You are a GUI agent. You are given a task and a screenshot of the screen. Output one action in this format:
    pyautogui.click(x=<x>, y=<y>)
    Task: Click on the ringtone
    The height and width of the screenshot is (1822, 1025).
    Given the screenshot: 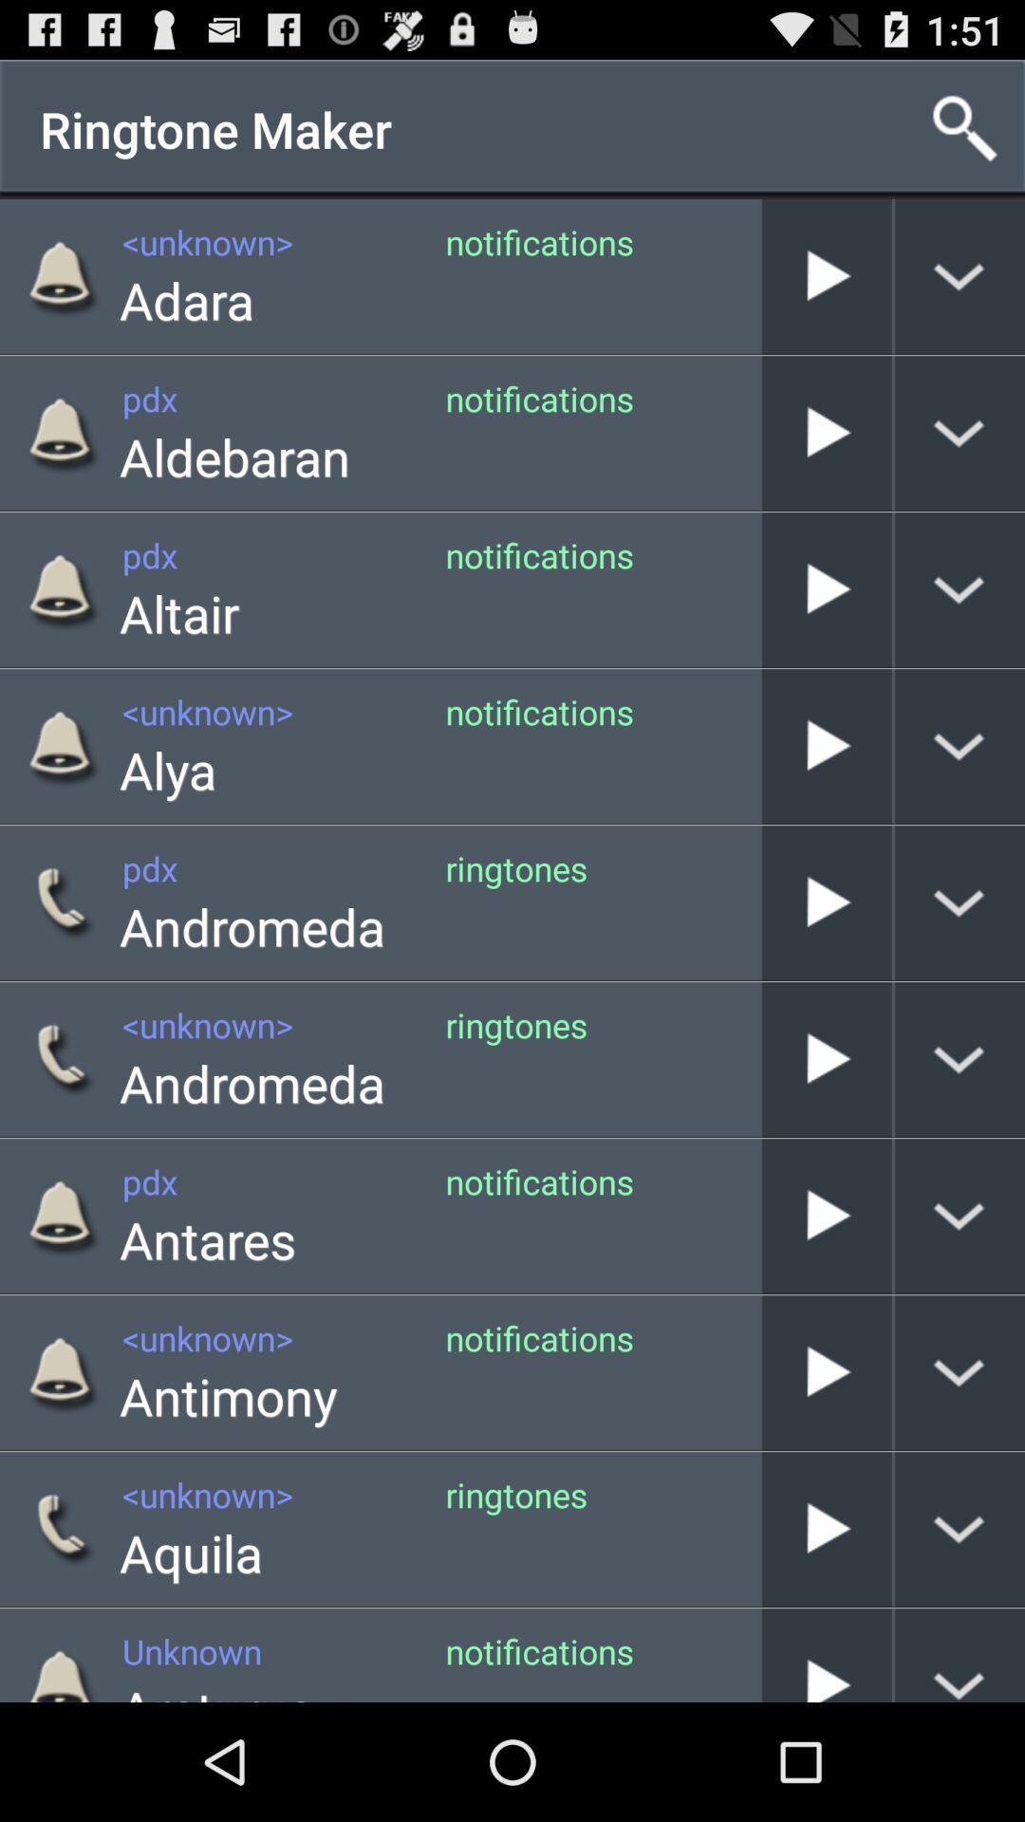 What is the action you would take?
    pyautogui.click(x=826, y=1216)
    